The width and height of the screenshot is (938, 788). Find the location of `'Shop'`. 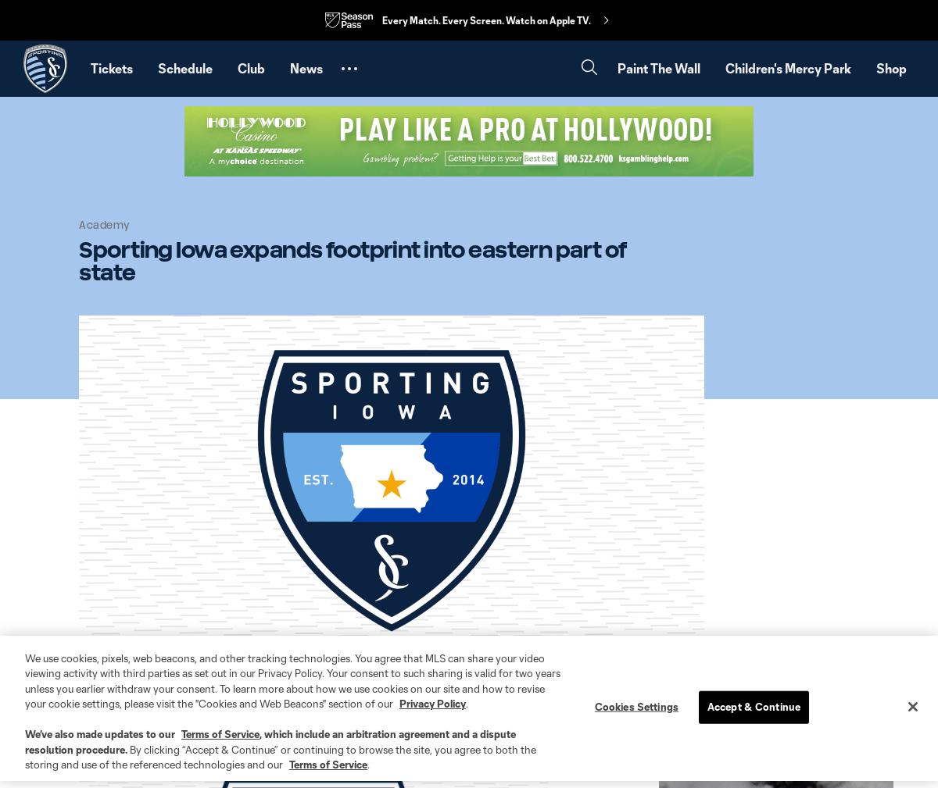

'Shop' is located at coordinates (890, 67).